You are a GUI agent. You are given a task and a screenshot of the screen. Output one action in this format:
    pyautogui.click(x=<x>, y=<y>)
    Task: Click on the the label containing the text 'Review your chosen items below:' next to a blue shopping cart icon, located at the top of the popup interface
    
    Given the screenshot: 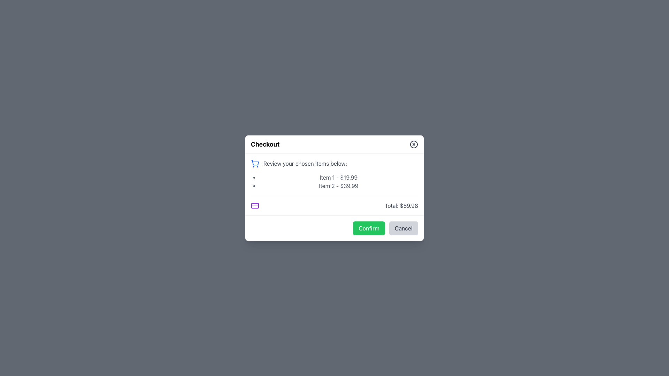 What is the action you would take?
    pyautogui.click(x=334, y=163)
    